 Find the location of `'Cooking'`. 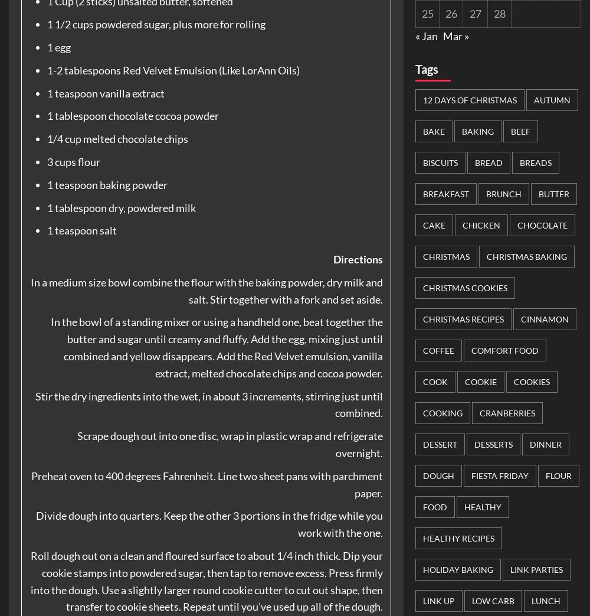

'Cooking' is located at coordinates (442, 412).